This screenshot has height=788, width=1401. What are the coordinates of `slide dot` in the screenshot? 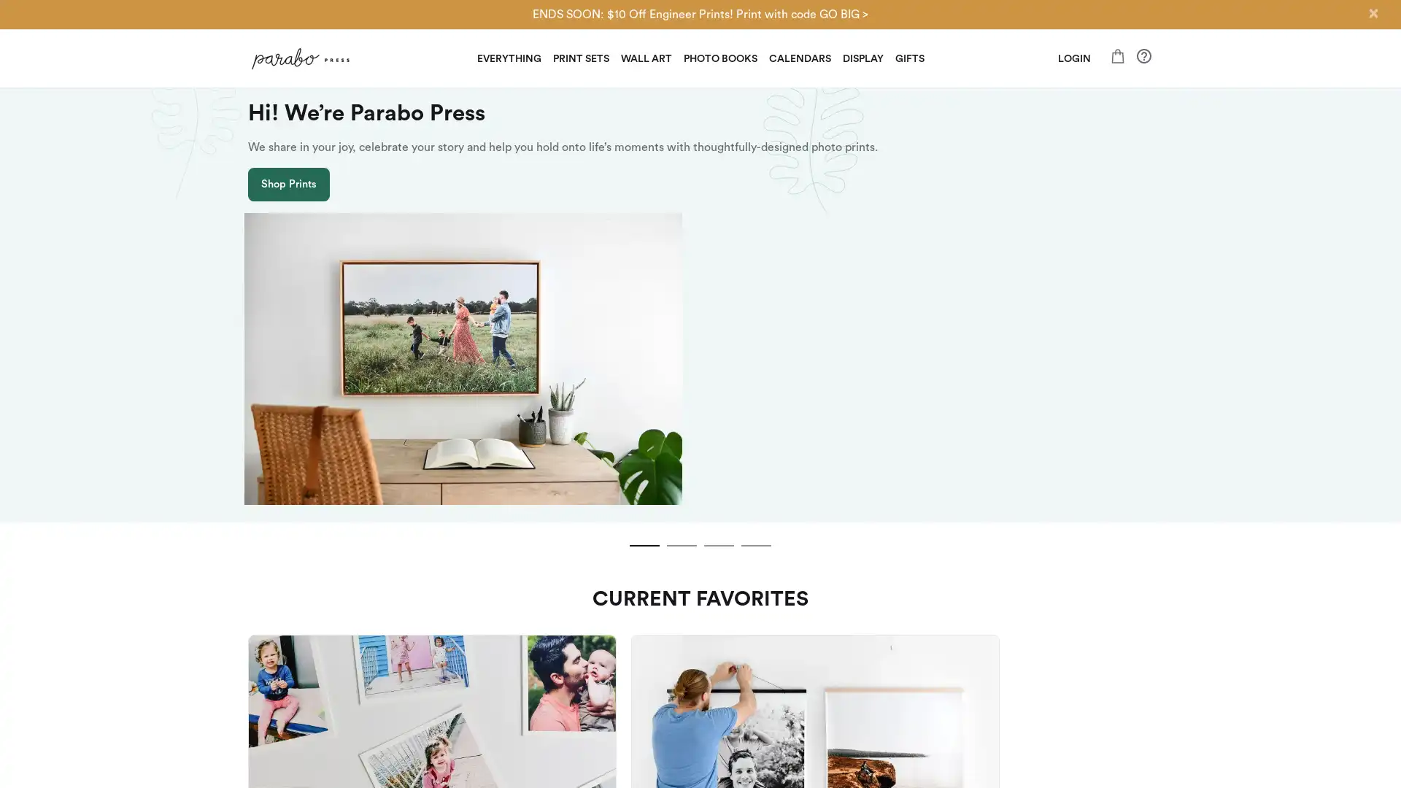 It's located at (765, 403).